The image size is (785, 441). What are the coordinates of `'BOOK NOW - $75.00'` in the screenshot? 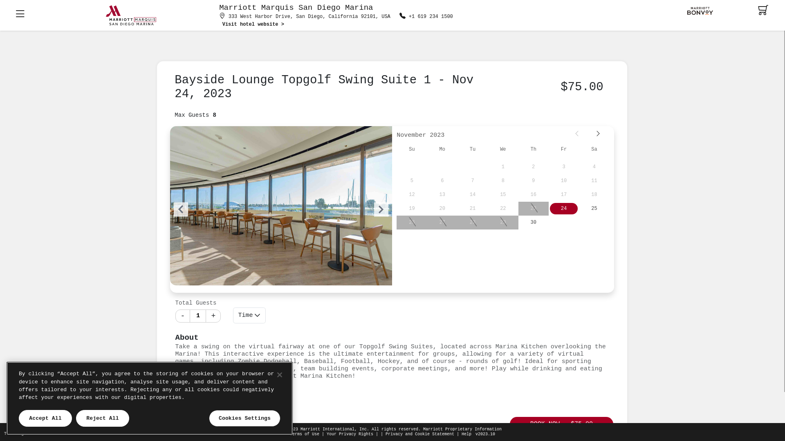 It's located at (561, 423).